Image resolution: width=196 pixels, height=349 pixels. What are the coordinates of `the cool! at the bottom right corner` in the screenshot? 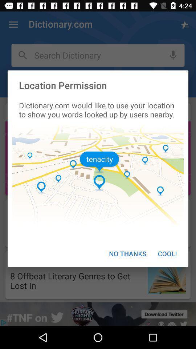 It's located at (167, 253).